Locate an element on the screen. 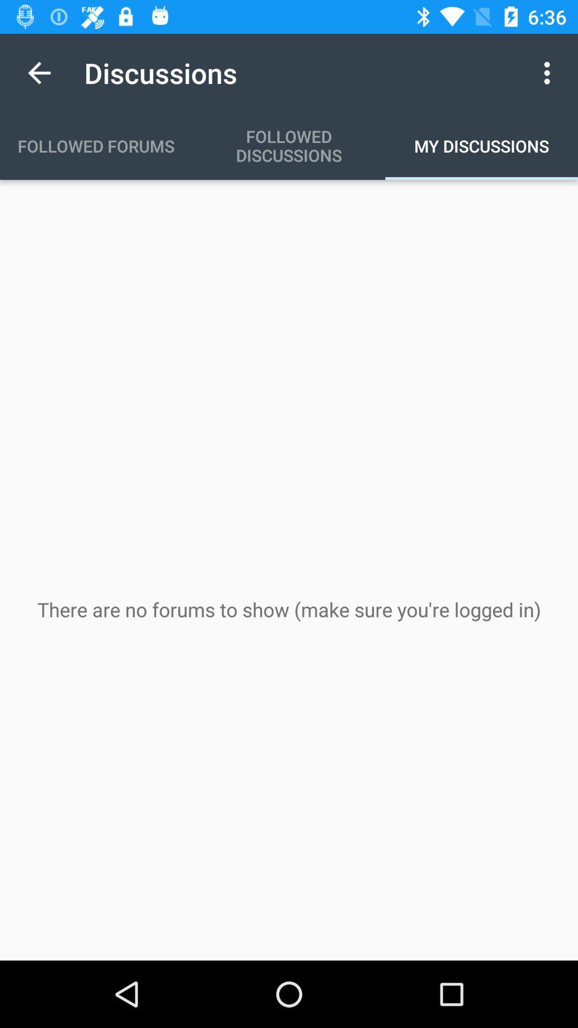  the app to the left of discussions app is located at coordinates (39, 72).